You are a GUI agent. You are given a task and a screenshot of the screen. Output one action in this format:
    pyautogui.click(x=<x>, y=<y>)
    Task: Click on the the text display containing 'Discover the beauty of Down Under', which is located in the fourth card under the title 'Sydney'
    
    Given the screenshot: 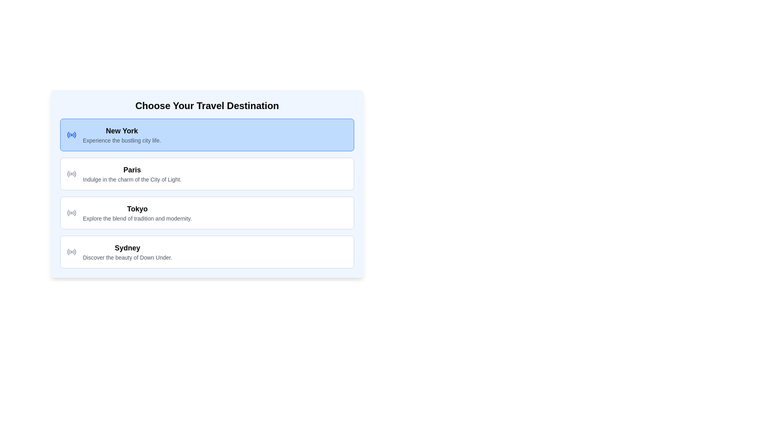 What is the action you would take?
    pyautogui.click(x=127, y=258)
    